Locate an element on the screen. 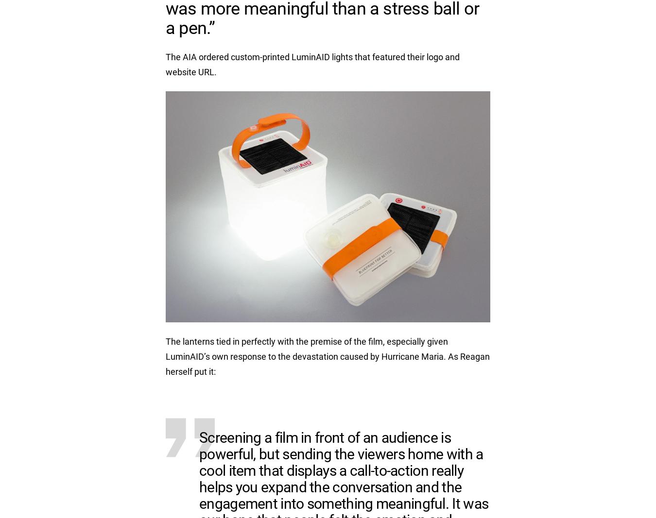 This screenshot has height=518, width=656. 'response' is located at coordinates (249, 355).